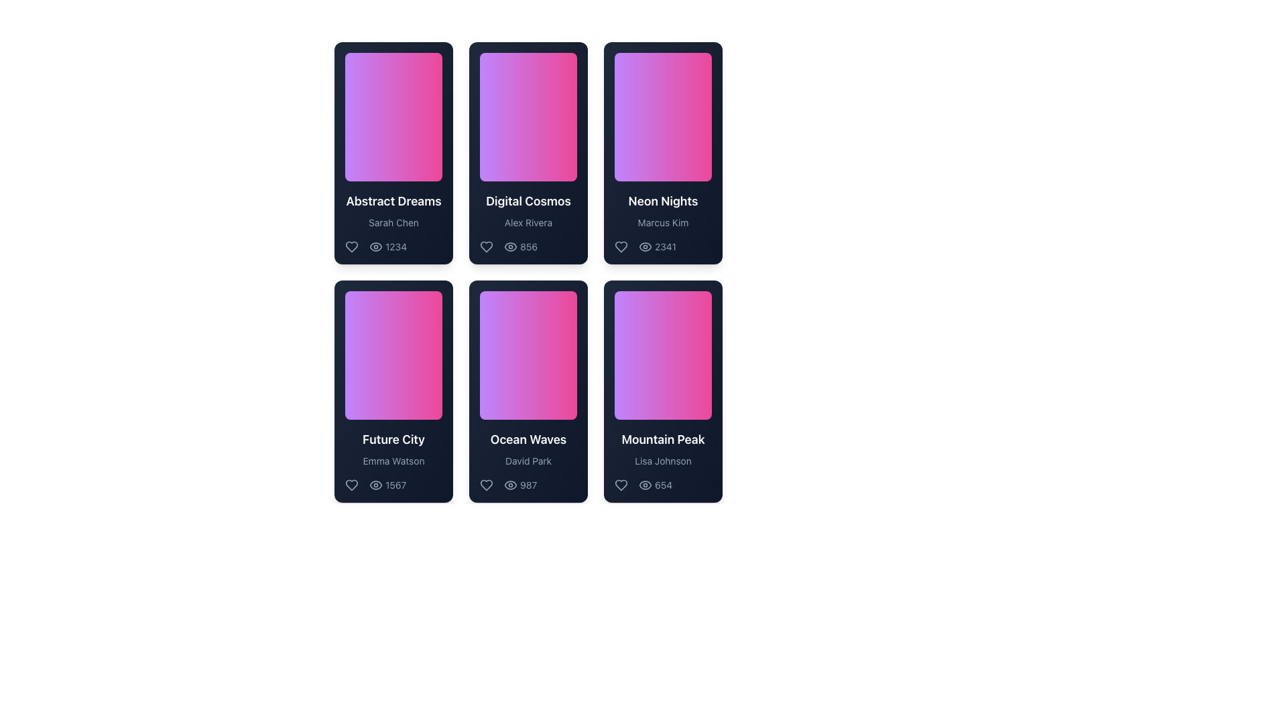  What do you see at coordinates (666, 247) in the screenshot?
I see `numeric text label indicating the view count, which is positioned to the right of the eye icon in the third column under the 'Neon Nights' card` at bounding box center [666, 247].